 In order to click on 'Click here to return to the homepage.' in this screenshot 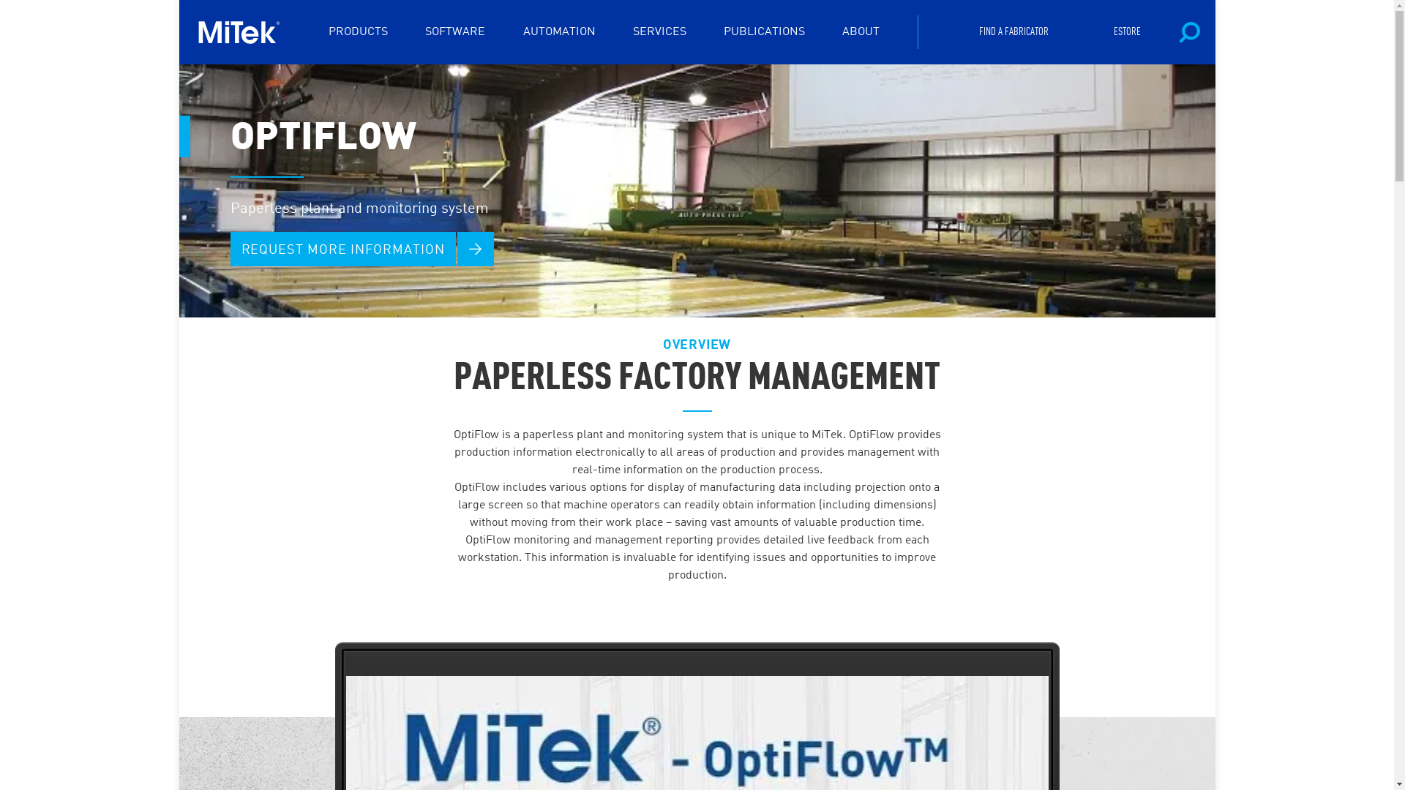, I will do `click(244, 31)`.